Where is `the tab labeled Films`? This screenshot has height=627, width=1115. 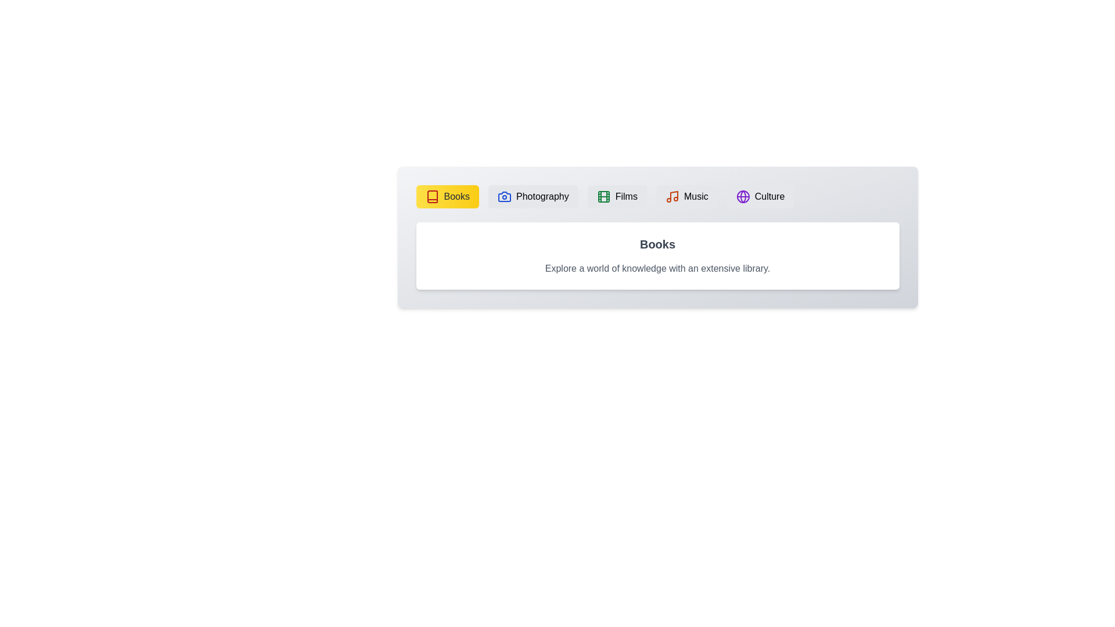 the tab labeled Films is located at coordinates (616, 196).